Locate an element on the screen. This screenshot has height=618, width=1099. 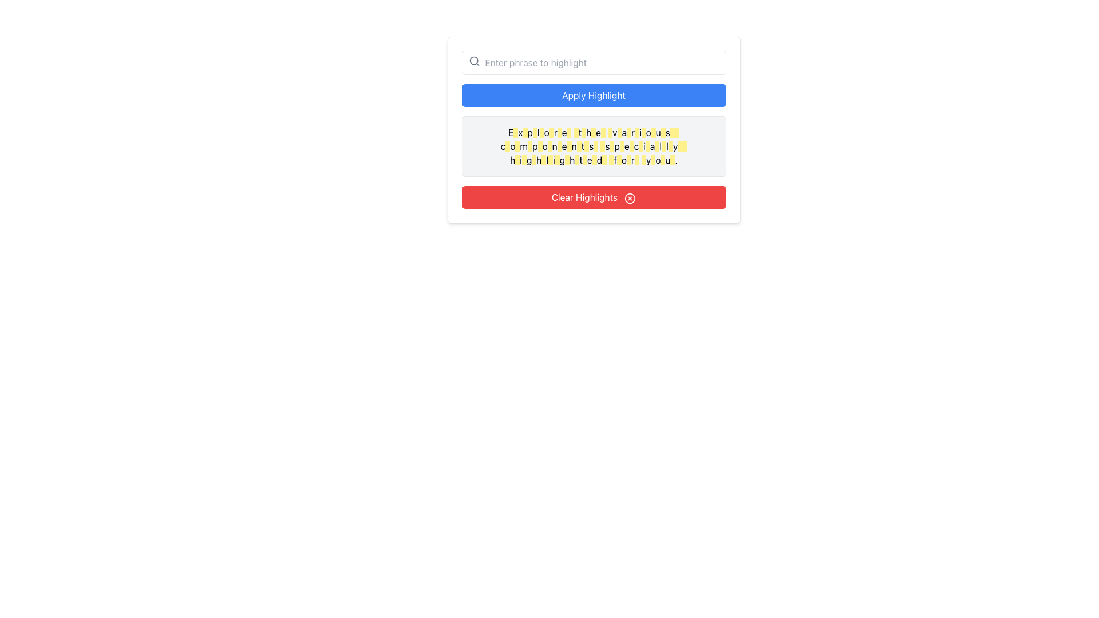
the fifth yellow-highlighted marker within the text box to interact with the surrounding text area is located at coordinates (551, 132).